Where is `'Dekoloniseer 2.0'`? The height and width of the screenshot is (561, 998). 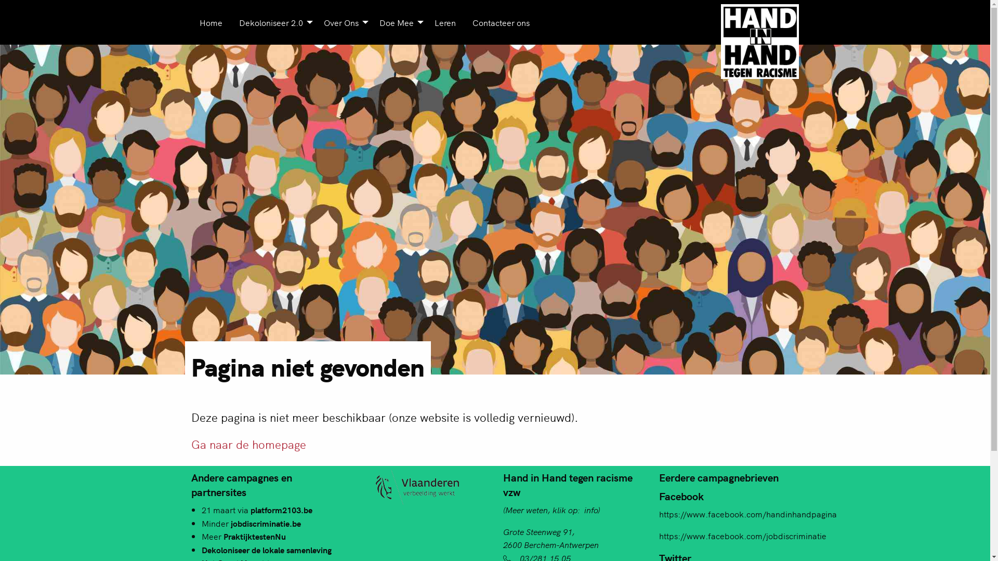
'Dekoloniseer 2.0' is located at coordinates (273, 22).